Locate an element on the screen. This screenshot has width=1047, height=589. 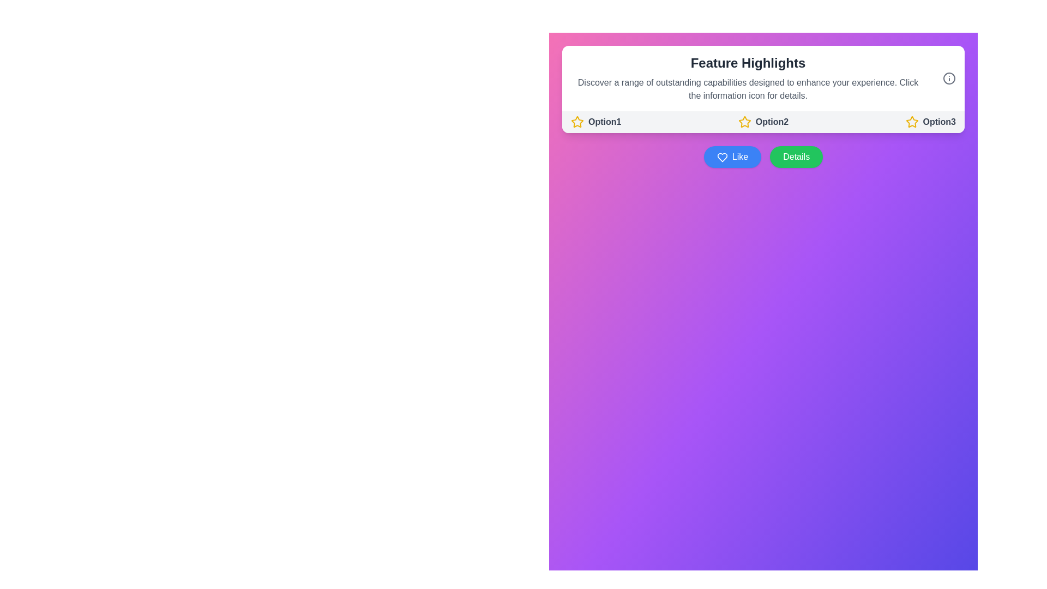
the gray information icon located in the upper-right corner of the white rounded panel is located at coordinates (949, 77).